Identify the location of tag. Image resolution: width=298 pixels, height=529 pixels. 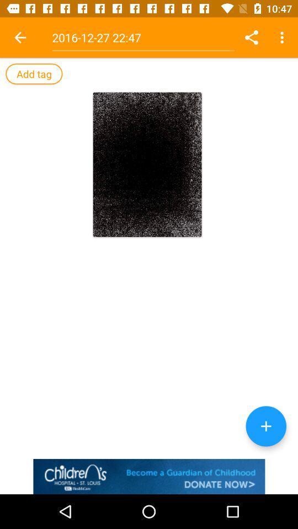
(34, 73).